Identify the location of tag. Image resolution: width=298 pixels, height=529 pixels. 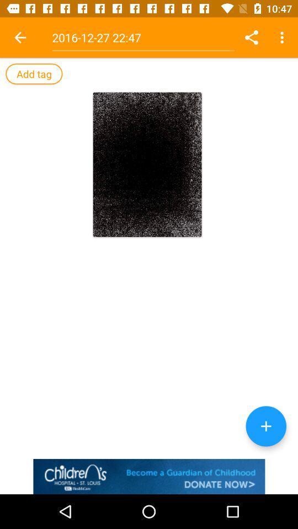
(34, 73).